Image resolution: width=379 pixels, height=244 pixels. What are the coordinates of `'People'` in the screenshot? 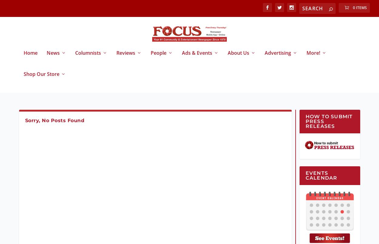 It's located at (158, 58).